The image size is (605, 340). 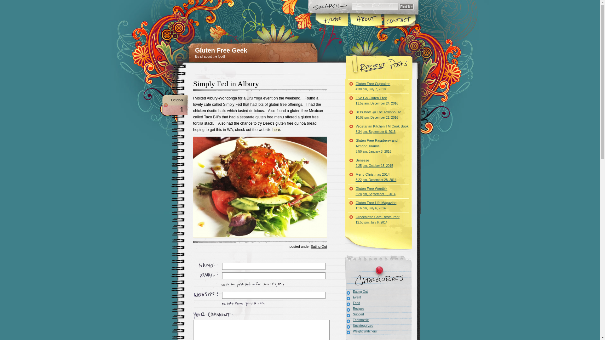 What do you see at coordinates (399, 20) in the screenshot?
I see `'Contact Me'` at bounding box center [399, 20].